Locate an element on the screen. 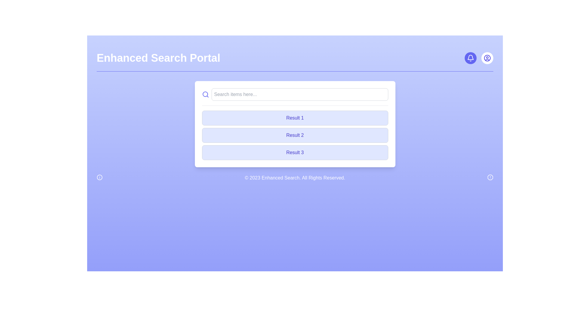 Image resolution: width=573 pixels, height=322 pixels. the search icon located at the top left corner of the white card, before the text input field is located at coordinates (205, 94).